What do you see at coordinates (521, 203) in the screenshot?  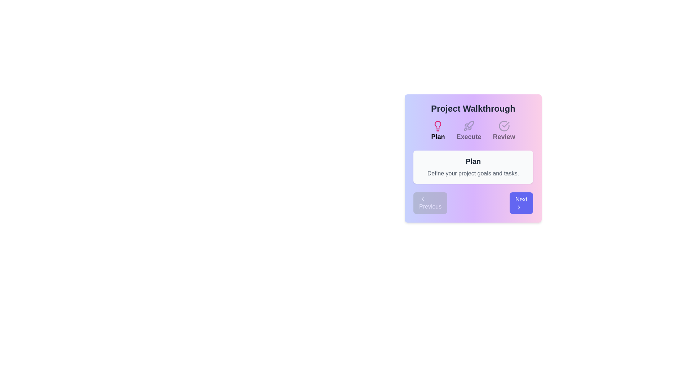 I see `the 'Next' button to navigate to the next step` at bounding box center [521, 203].